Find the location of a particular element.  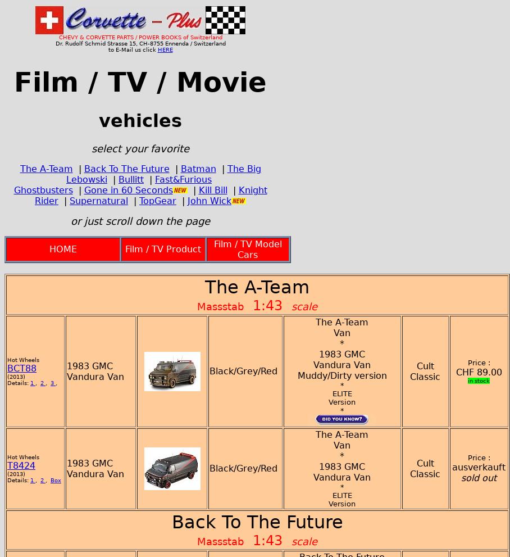

'BCT88' is located at coordinates (22, 367).